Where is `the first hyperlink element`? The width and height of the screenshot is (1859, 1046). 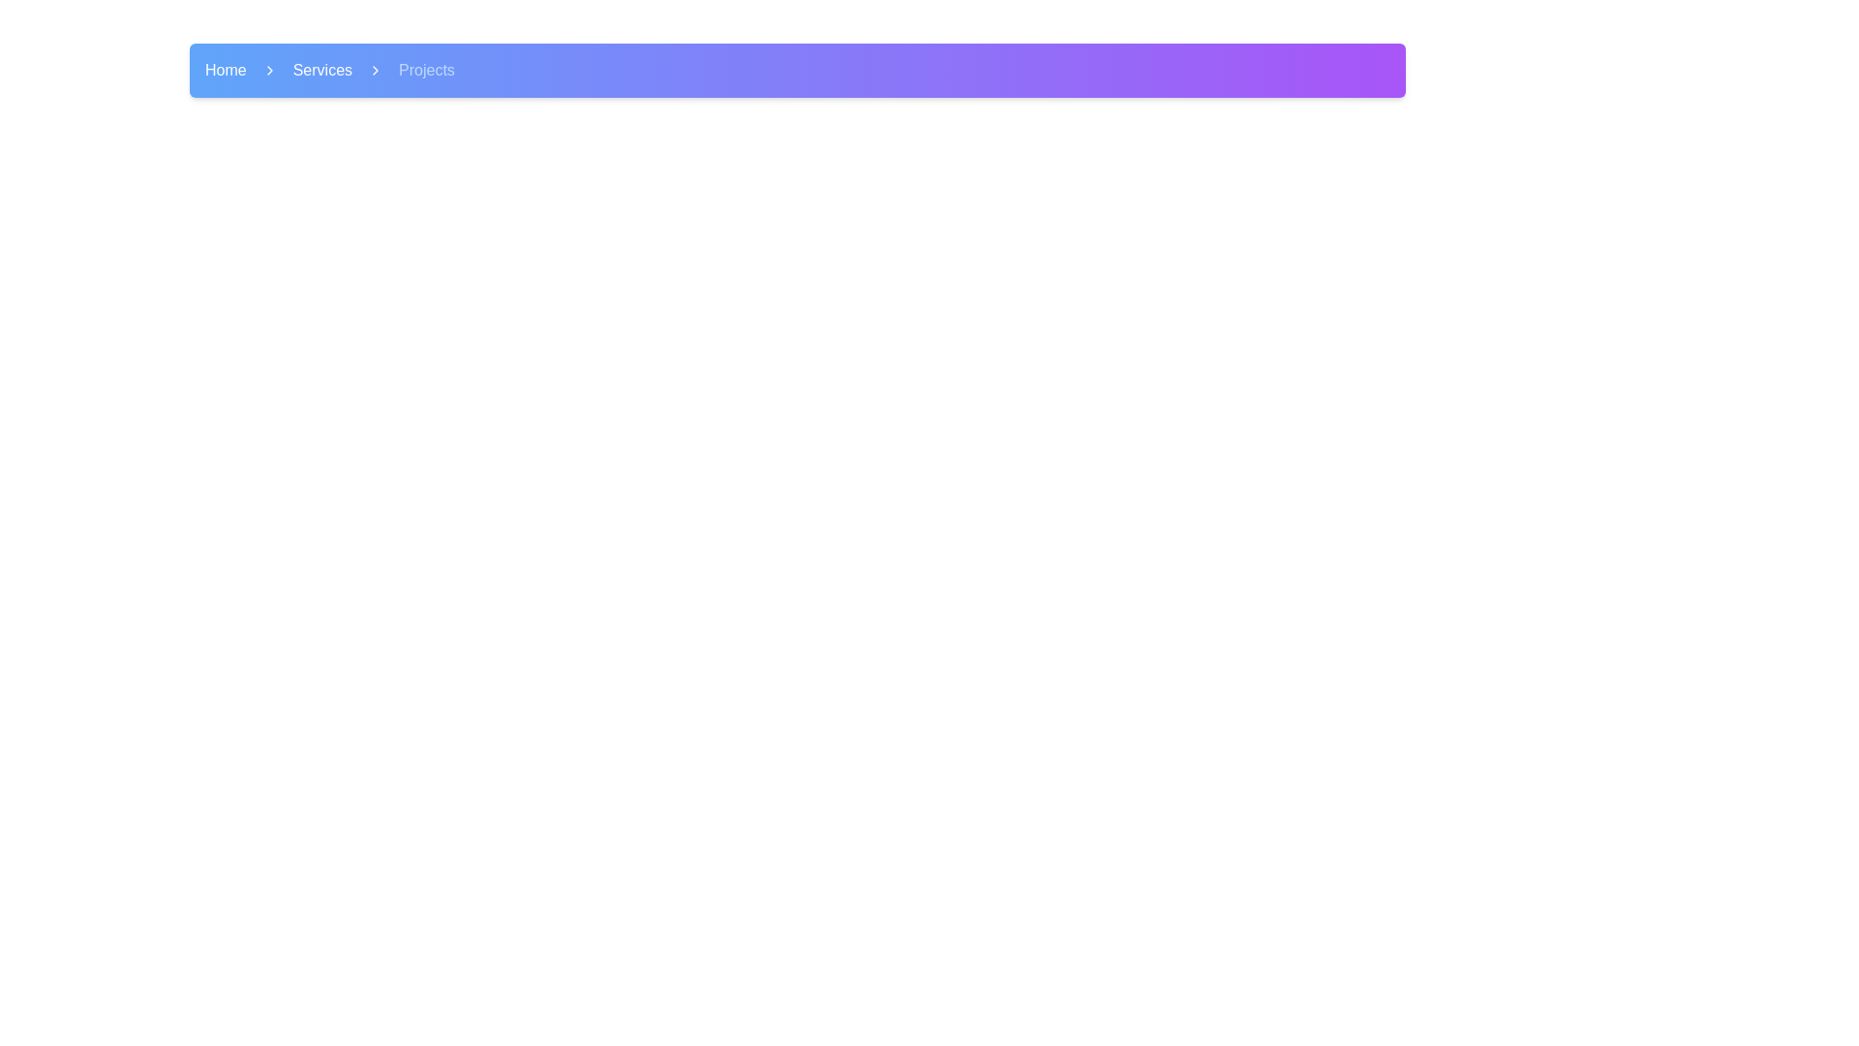
the first hyperlink element is located at coordinates (226, 69).